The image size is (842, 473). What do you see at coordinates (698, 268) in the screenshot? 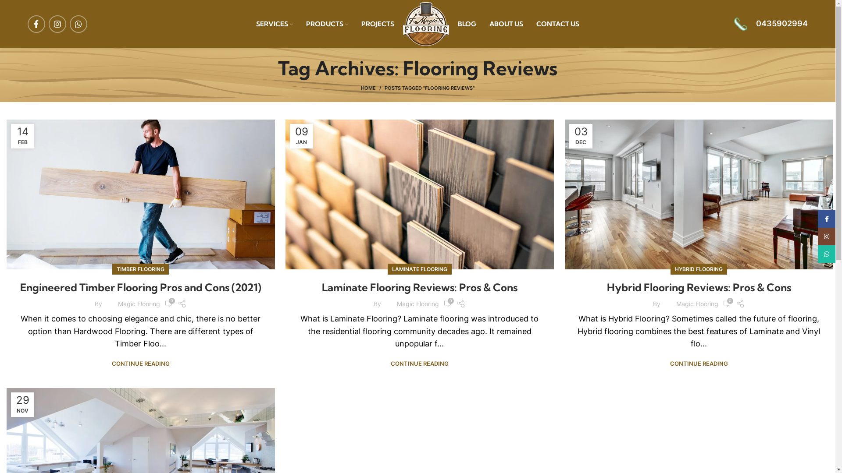
I see `'HYBRID FLOORING'` at bounding box center [698, 268].